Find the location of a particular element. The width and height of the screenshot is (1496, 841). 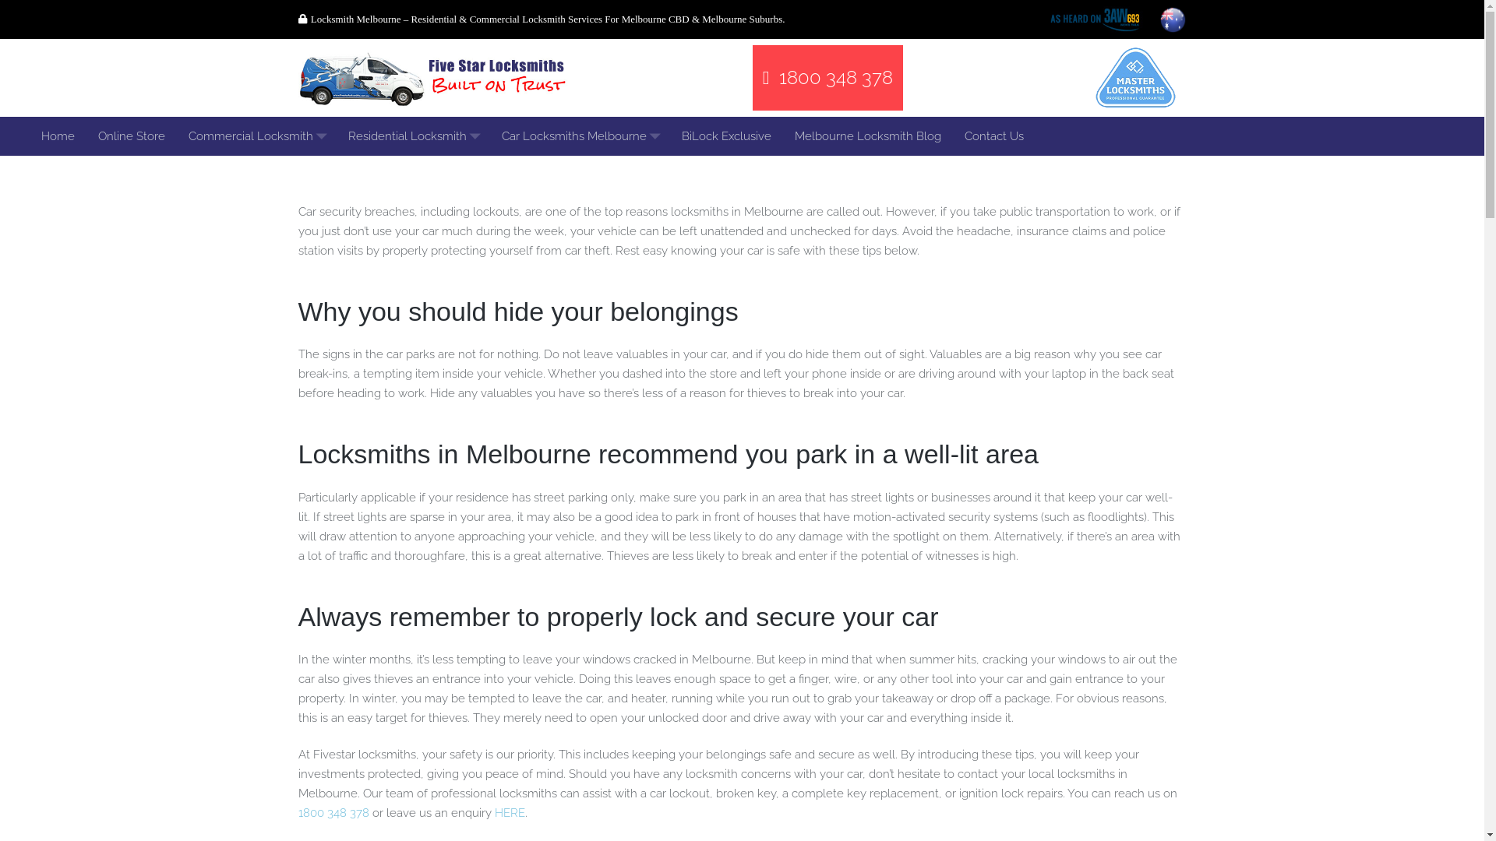

'Commercial Locksmith' is located at coordinates (256, 135).